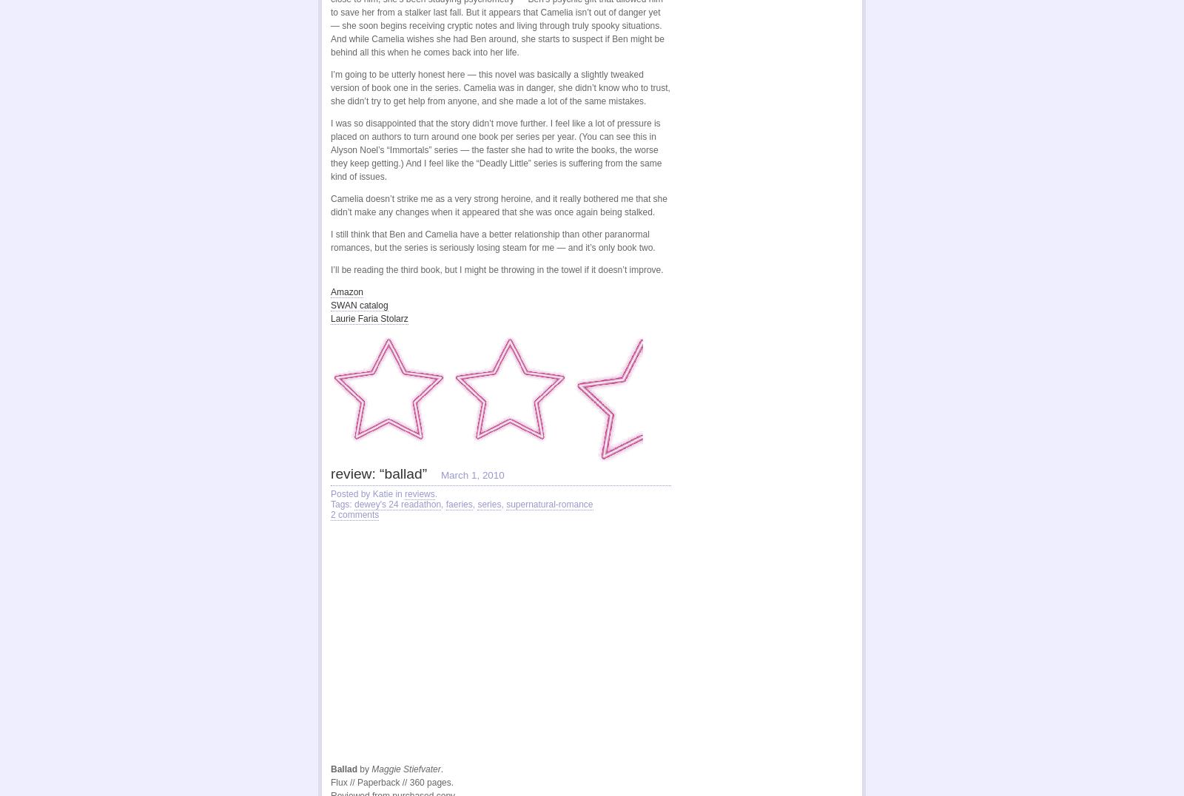  I want to click on 'I’m going to be utterly honest here — this novel was basically a slightly tweaked version of book one in the series. Camelia was in danger, she didn’t know who to trust, she didn’t try to get help from anyone, and she made a lot of the same mistakes.', so click(500, 87).